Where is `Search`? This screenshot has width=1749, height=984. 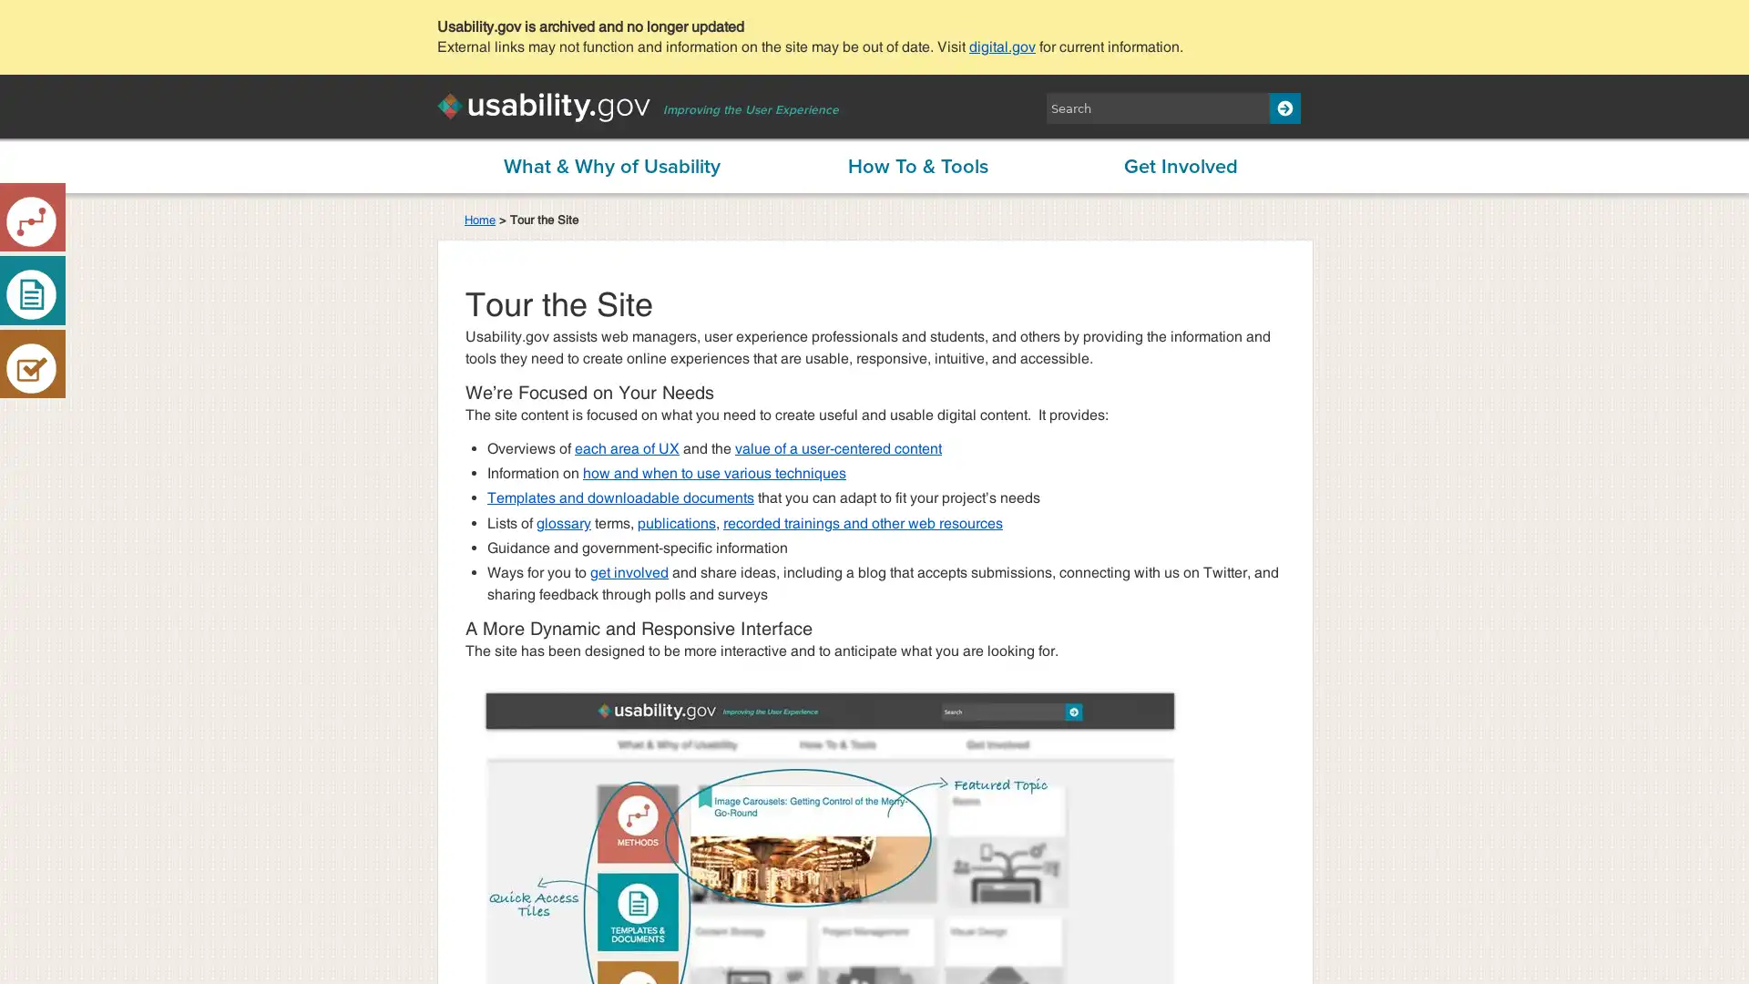
Search is located at coordinates (1284, 108).